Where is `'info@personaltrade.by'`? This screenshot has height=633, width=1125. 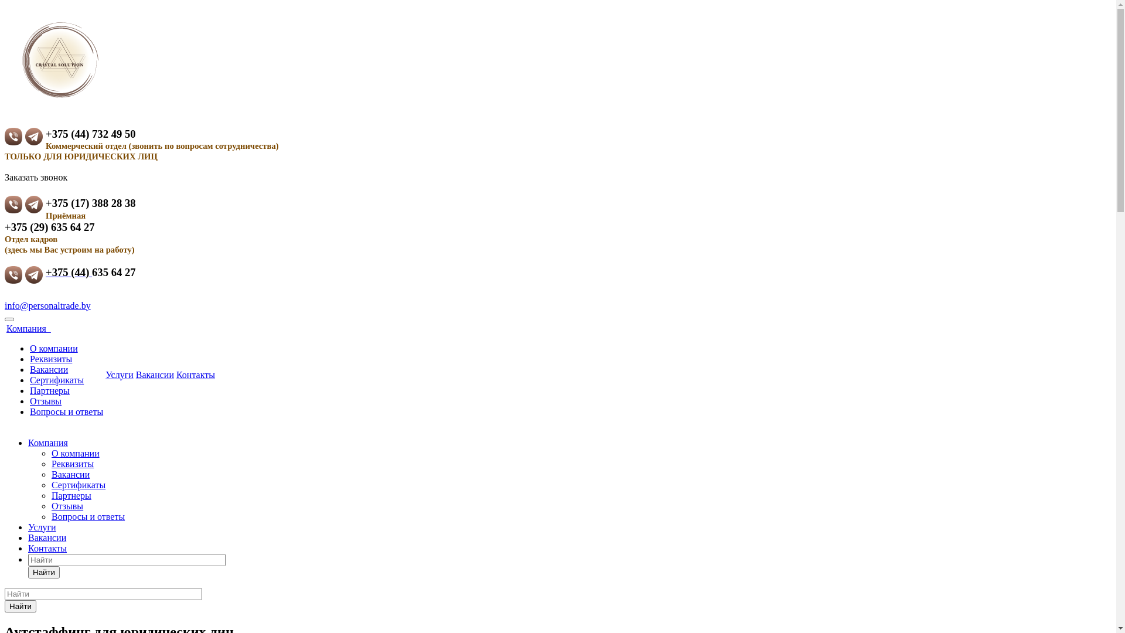
'info@personaltrade.by' is located at coordinates (47, 305).